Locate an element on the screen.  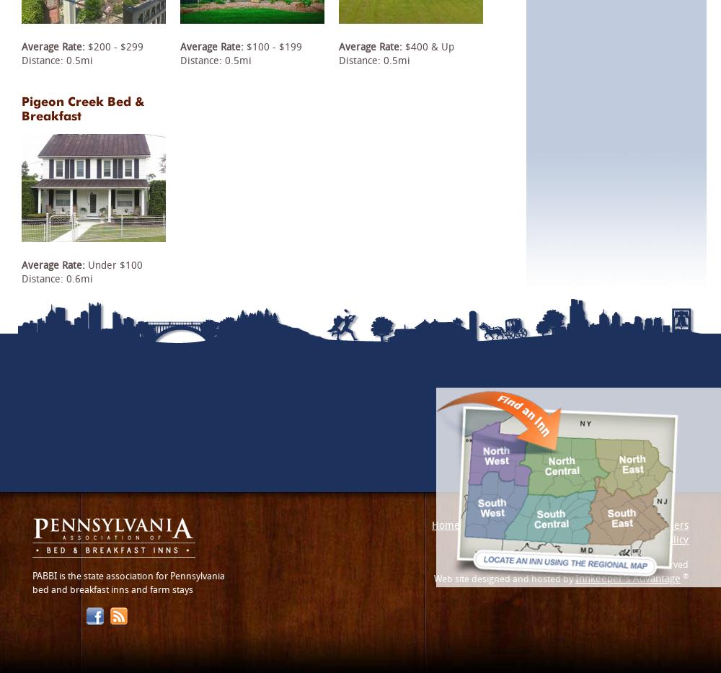
'Privacy Policy' is located at coordinates (658, 538).